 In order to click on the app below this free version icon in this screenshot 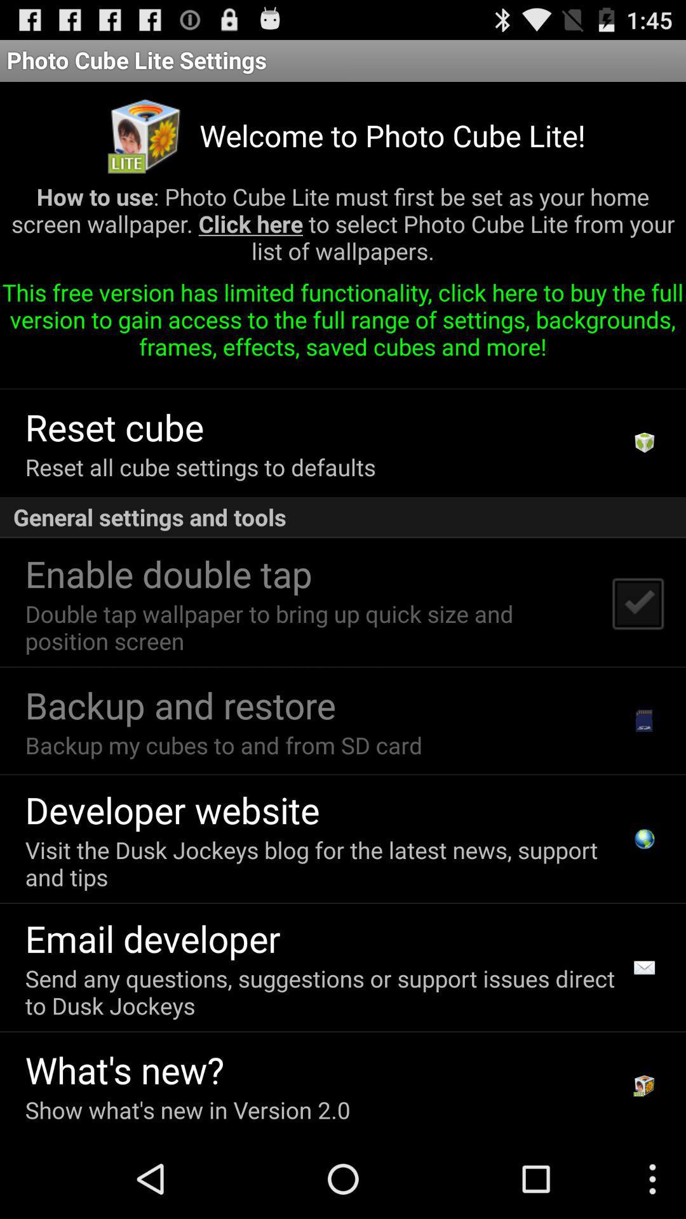, I will do `click(644, 443)`.